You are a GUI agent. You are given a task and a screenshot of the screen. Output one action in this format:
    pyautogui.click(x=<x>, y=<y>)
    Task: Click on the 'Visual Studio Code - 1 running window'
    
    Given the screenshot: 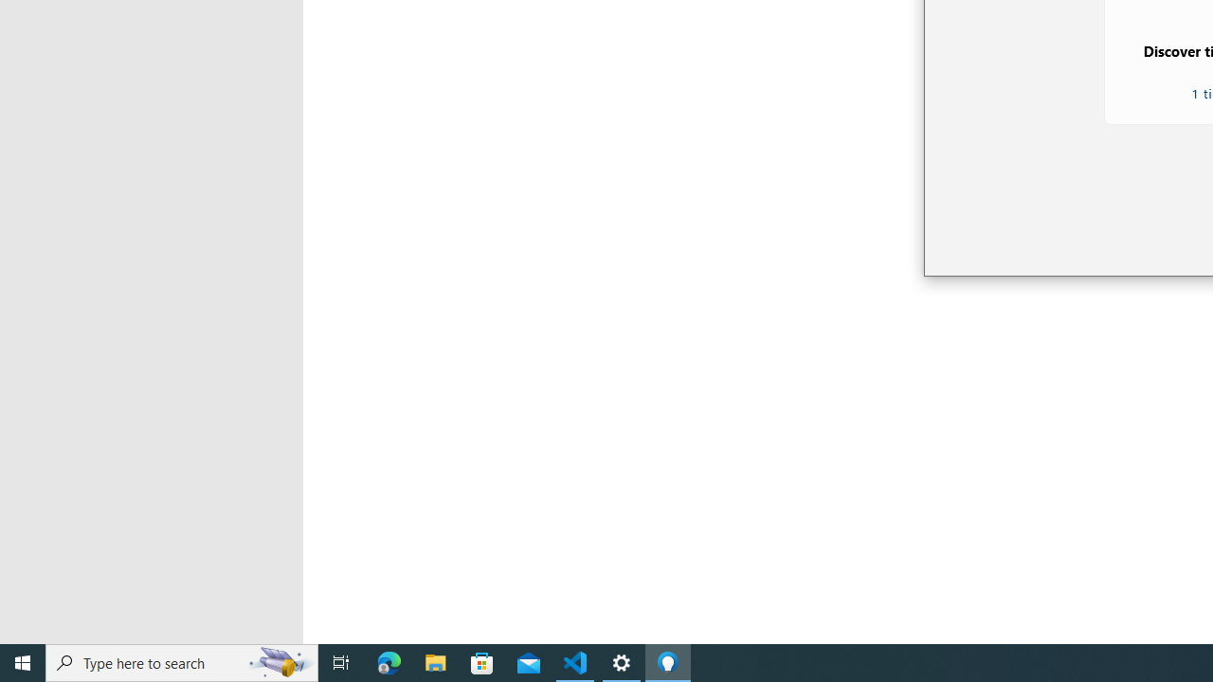 What is the action you would take?
    pyautogui.click(x=574, y=661)
    